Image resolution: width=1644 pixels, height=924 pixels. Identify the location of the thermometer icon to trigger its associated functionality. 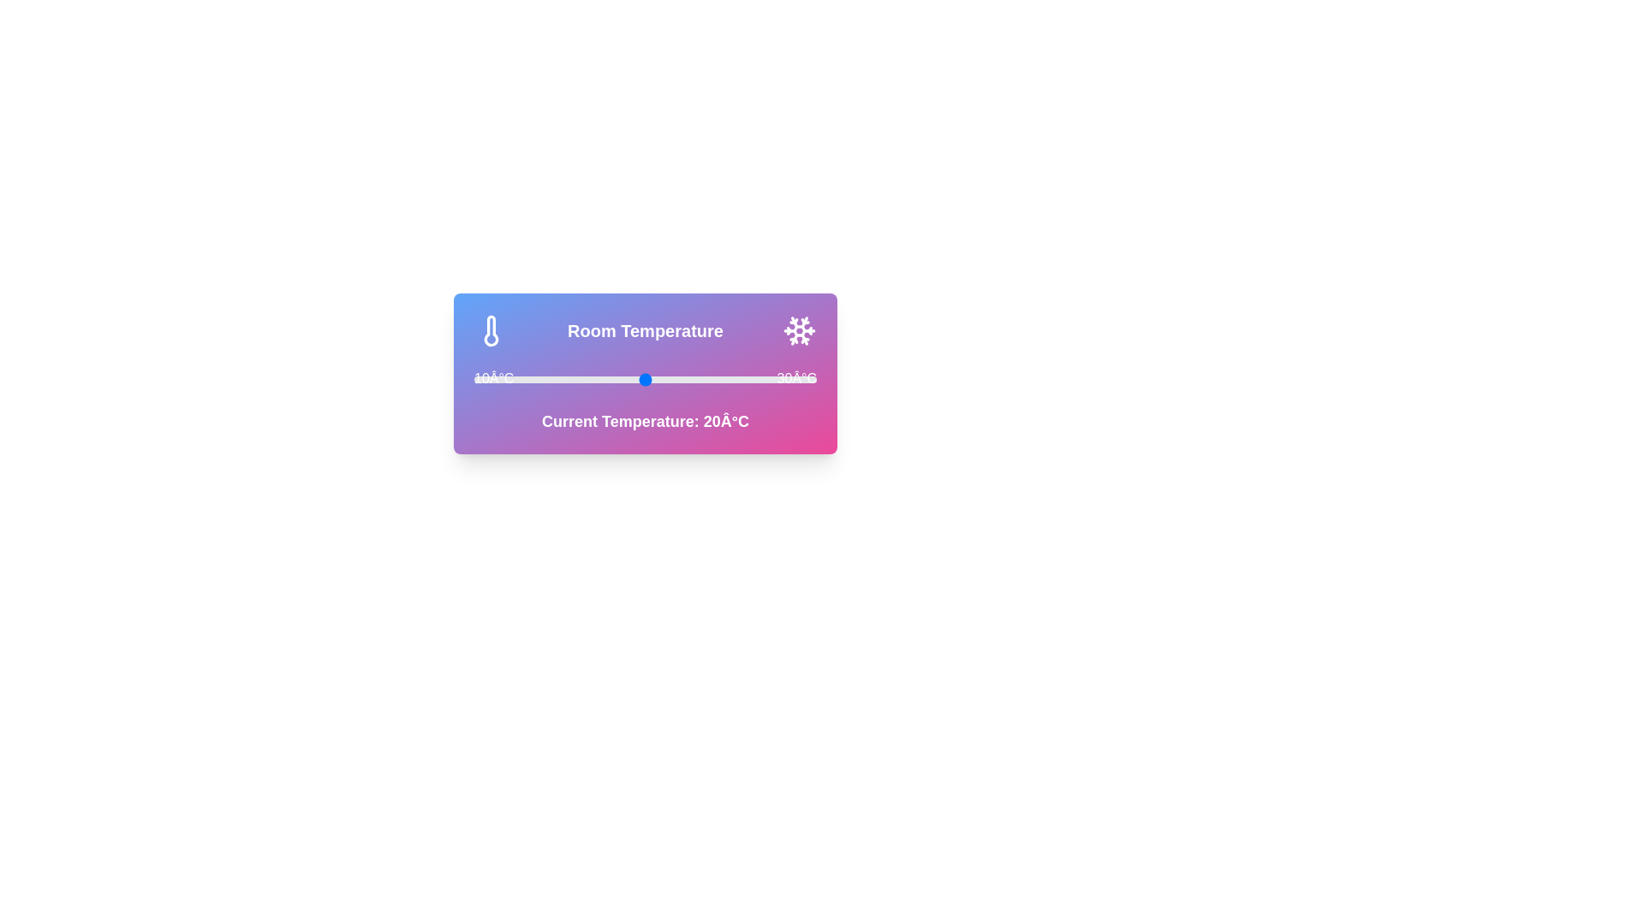
(491, 330).